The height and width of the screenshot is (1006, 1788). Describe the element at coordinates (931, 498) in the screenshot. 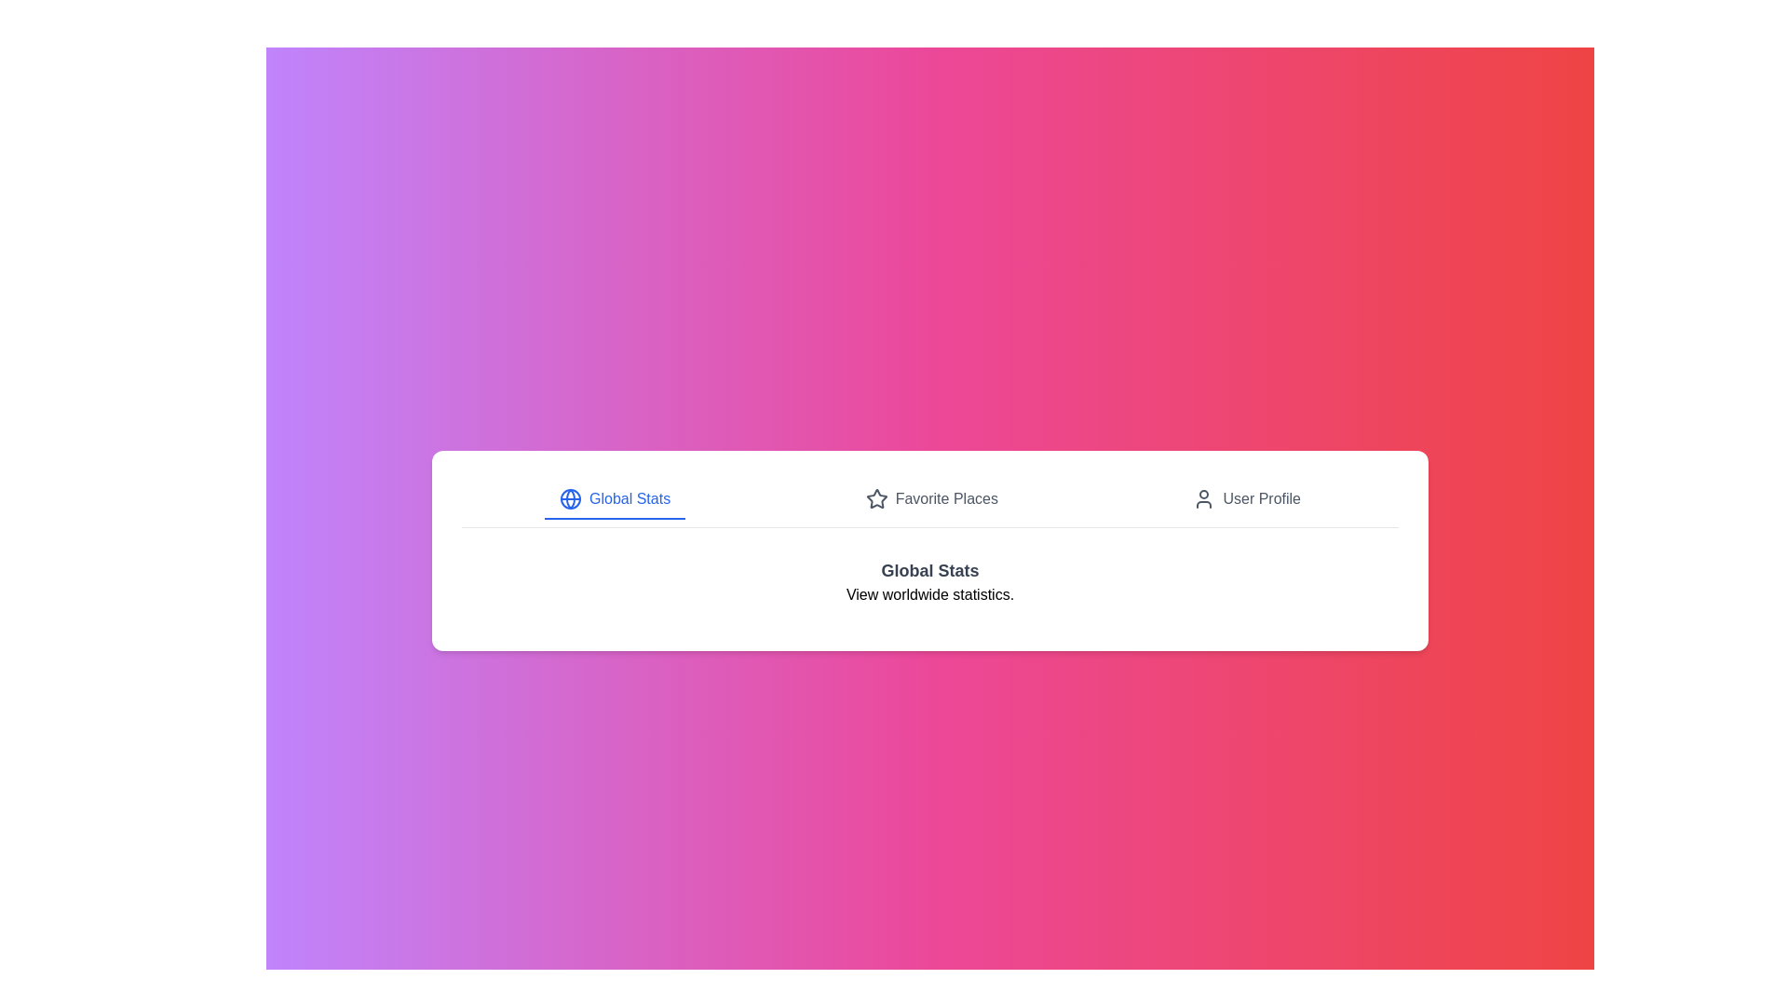

I see `the 'Favorite Places' button in the navigation bar to visualize the hover effect` at that location.